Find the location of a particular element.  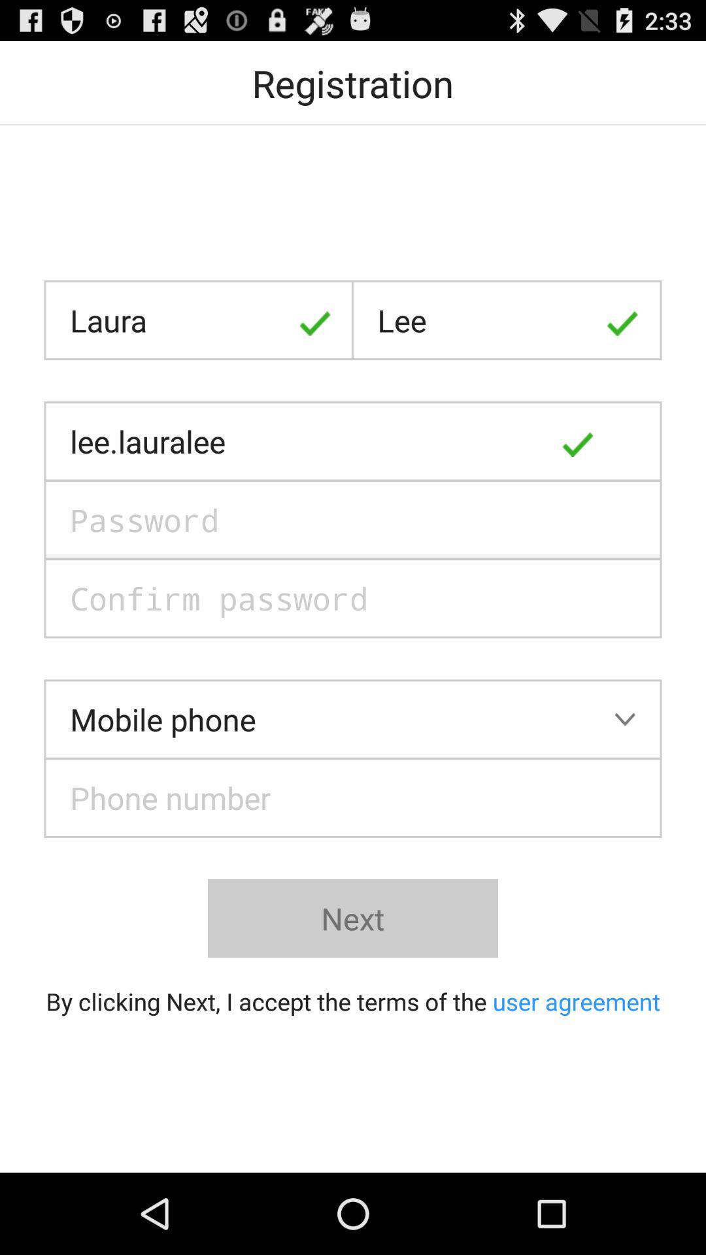

laura icon is located at coordinates (199, 320).